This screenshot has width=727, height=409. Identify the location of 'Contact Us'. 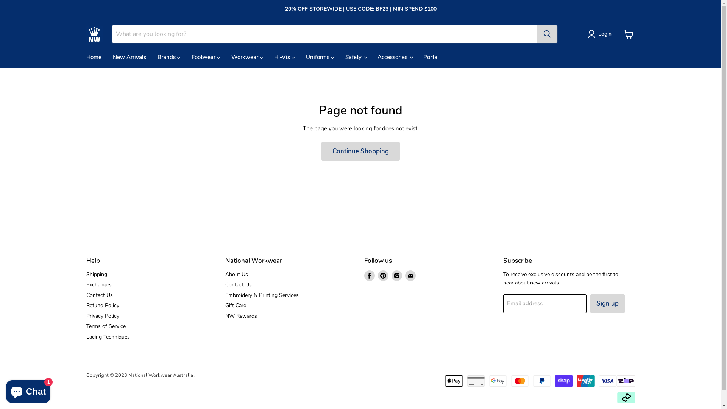
(99, 295).